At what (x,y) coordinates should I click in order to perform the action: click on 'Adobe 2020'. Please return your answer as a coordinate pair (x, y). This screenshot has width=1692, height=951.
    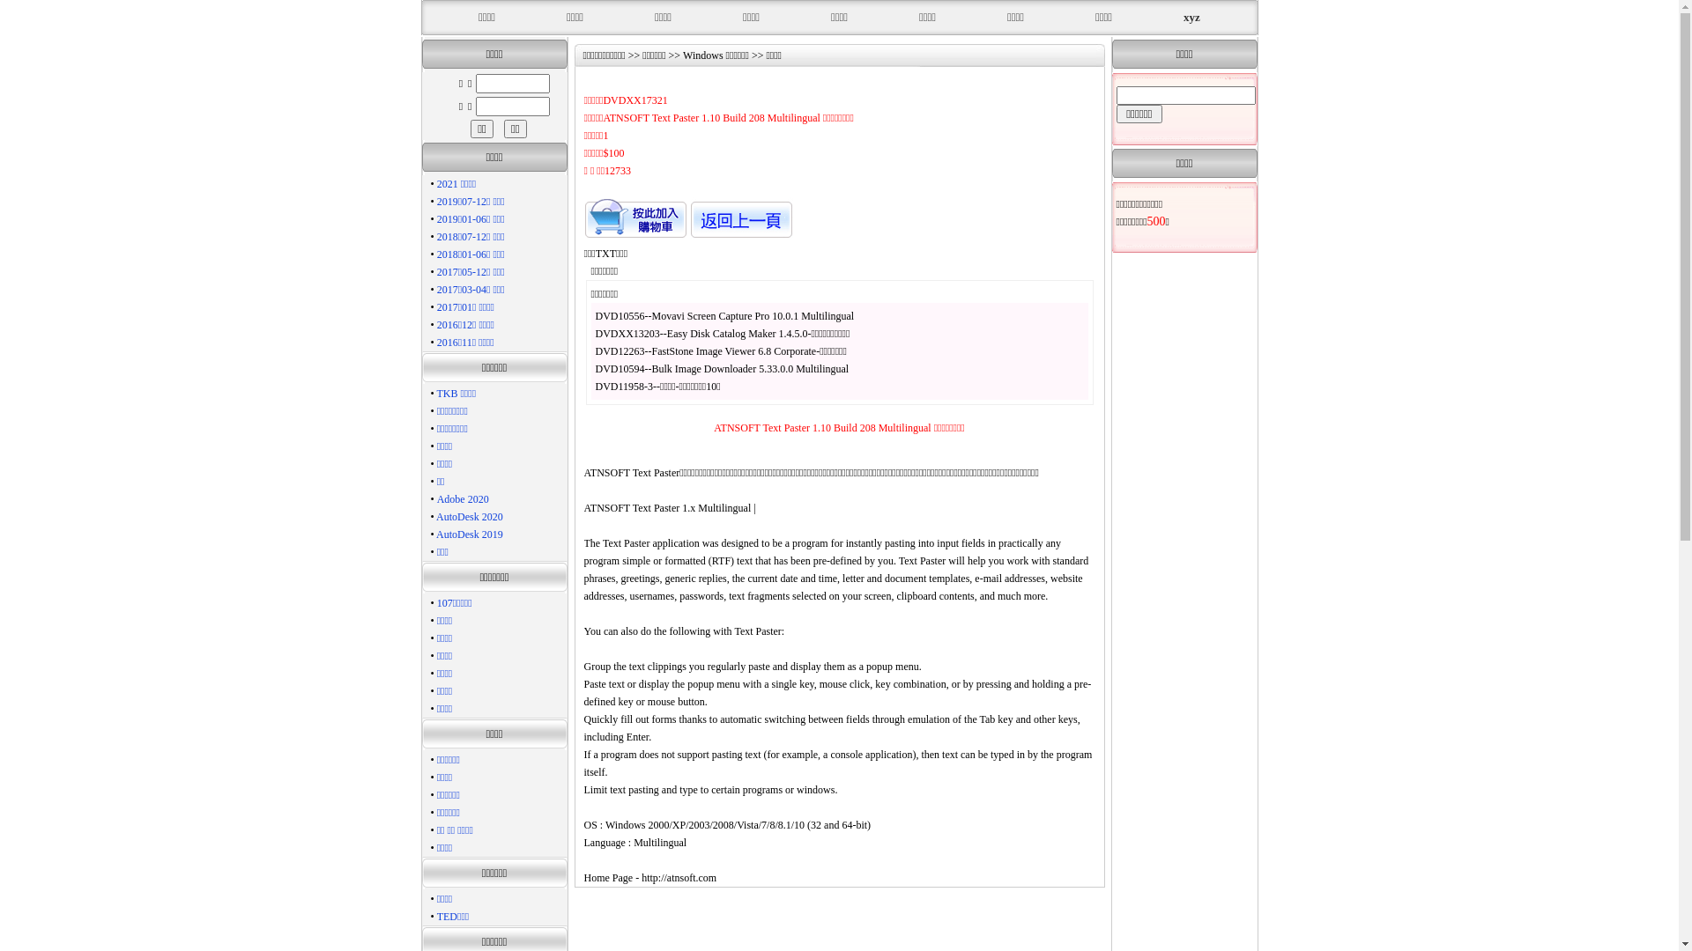
    Looking at the image, I should click on (463, 499).